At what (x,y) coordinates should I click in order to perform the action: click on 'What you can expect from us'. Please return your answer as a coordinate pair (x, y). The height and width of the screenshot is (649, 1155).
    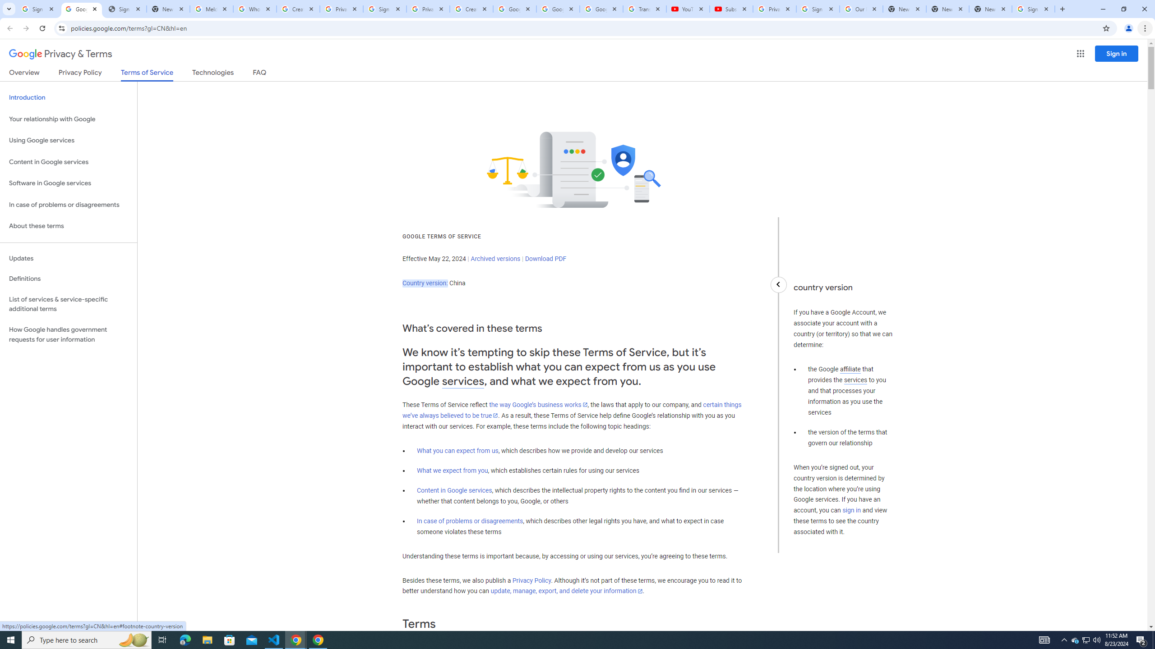
    Looking at the image, I should click on (458, 450).